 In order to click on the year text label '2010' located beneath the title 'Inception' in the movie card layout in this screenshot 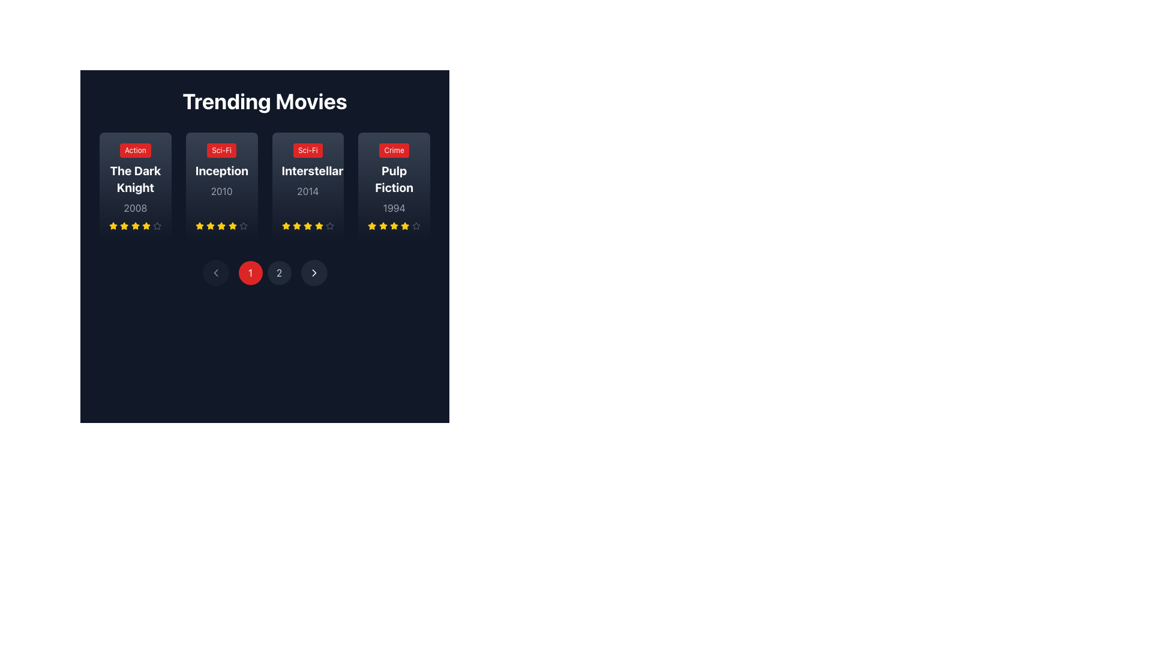, I will do `click(221, 191)`.